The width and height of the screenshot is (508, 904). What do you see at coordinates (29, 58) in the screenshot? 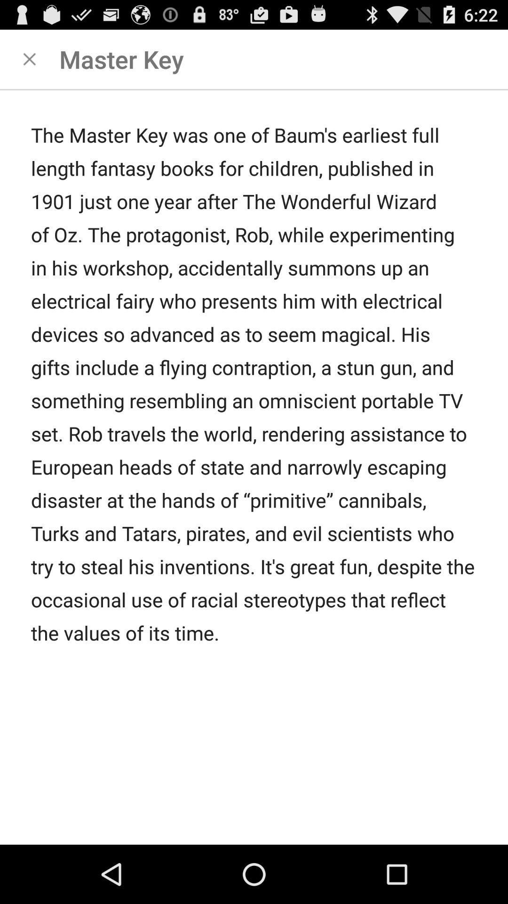
I see `the item next to the master key icon` at bounding box center [29, 58].